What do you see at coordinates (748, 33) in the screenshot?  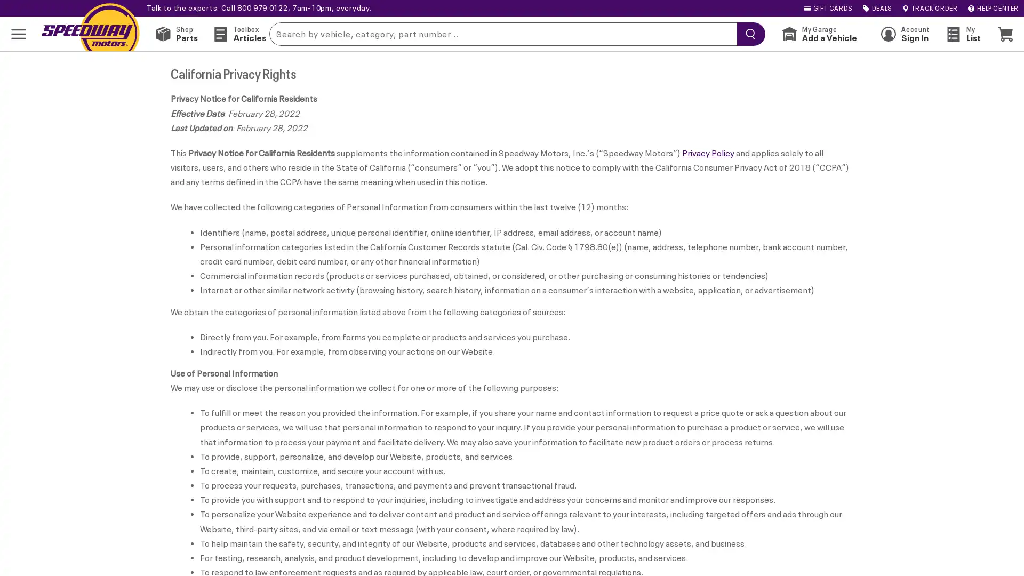 I see `searchButton` at bounding box center [748, 33].